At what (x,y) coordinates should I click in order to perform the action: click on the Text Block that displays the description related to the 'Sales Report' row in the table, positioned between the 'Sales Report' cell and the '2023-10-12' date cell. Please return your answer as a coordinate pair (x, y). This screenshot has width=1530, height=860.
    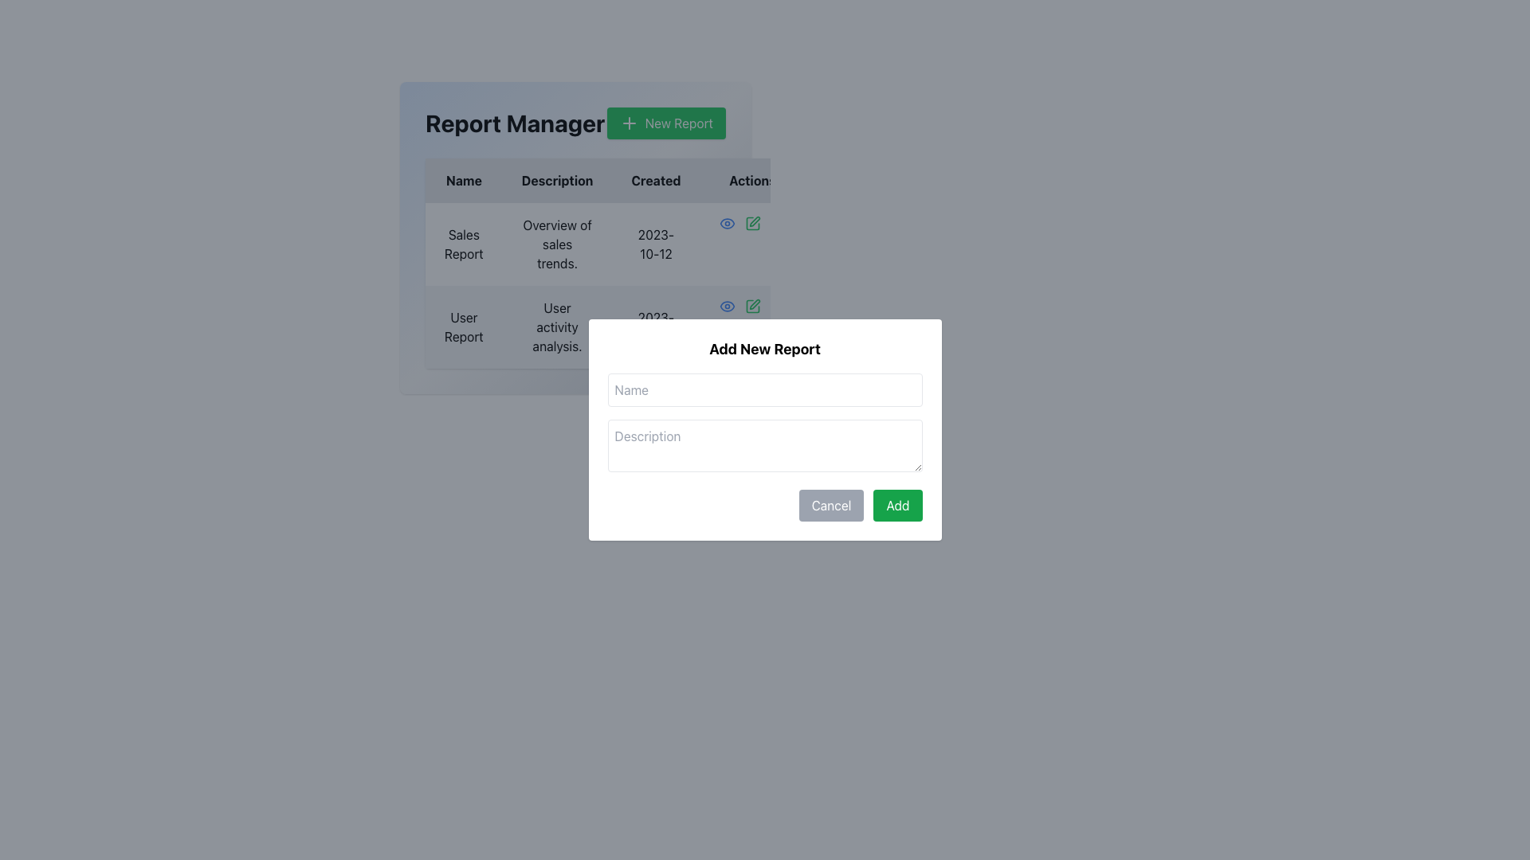
    Looking at the image, I should click on (557, 244).